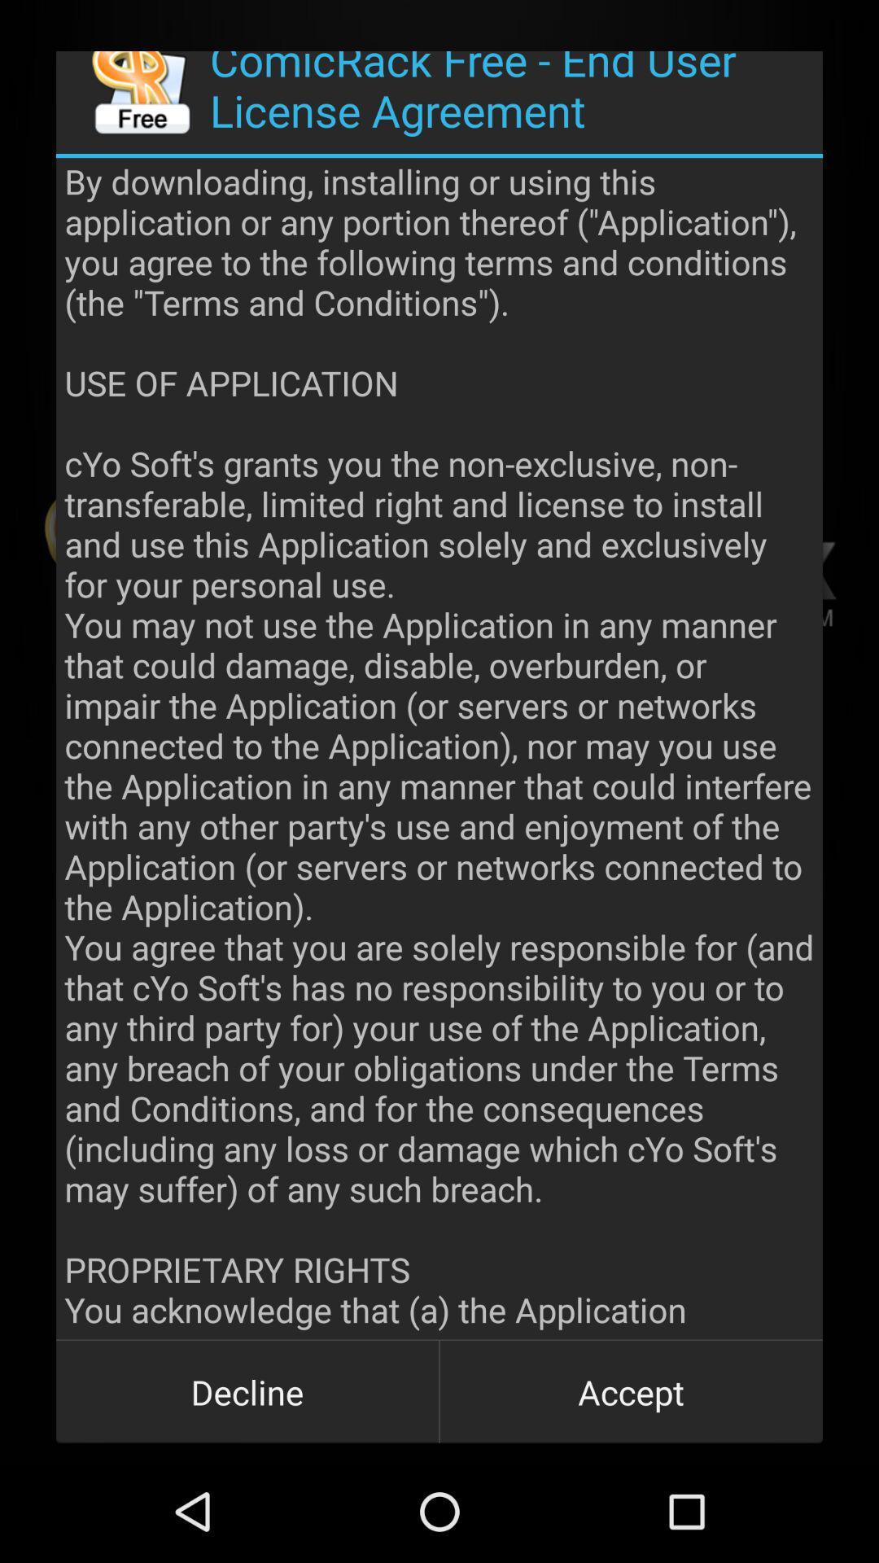  What do you see at coordinates (630, 1390) in the screenshot?
I see `accept button` at bounding box center [630, 1390].